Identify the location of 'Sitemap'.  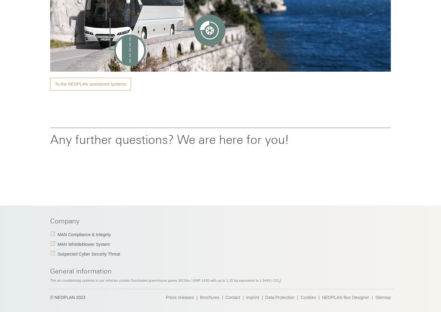
(383, 297).